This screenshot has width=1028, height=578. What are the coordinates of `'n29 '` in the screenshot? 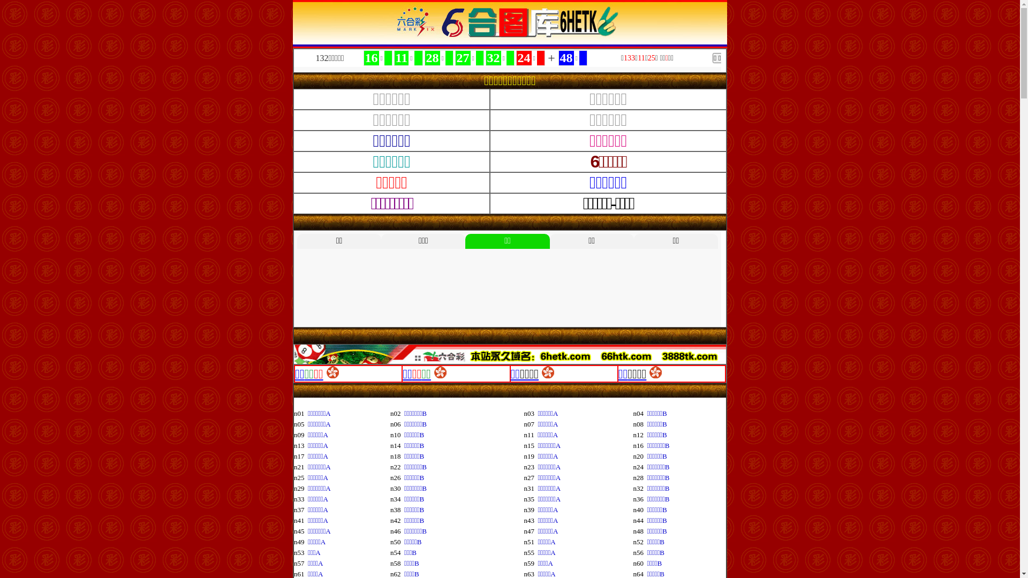 It's located at (300, 488).